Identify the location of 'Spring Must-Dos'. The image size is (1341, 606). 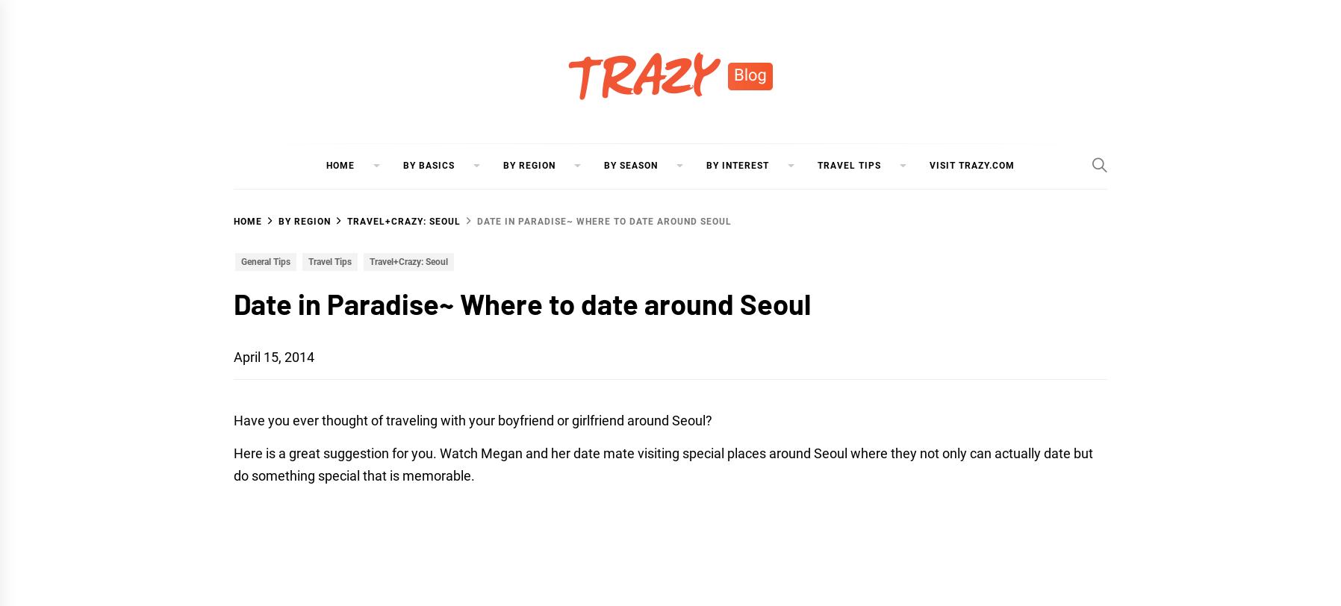
(840, 218).